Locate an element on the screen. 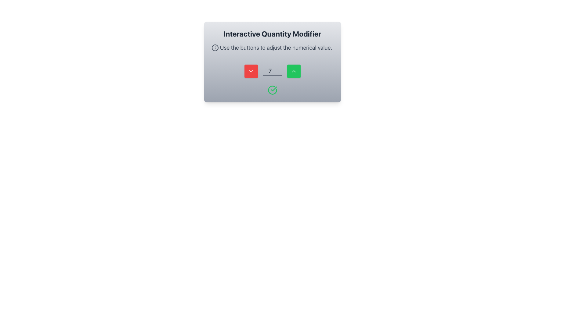 This screenshot has width=586, height=329. the icon located in the red button on the left side of the central numerical display is located at coordinates (251, 71).